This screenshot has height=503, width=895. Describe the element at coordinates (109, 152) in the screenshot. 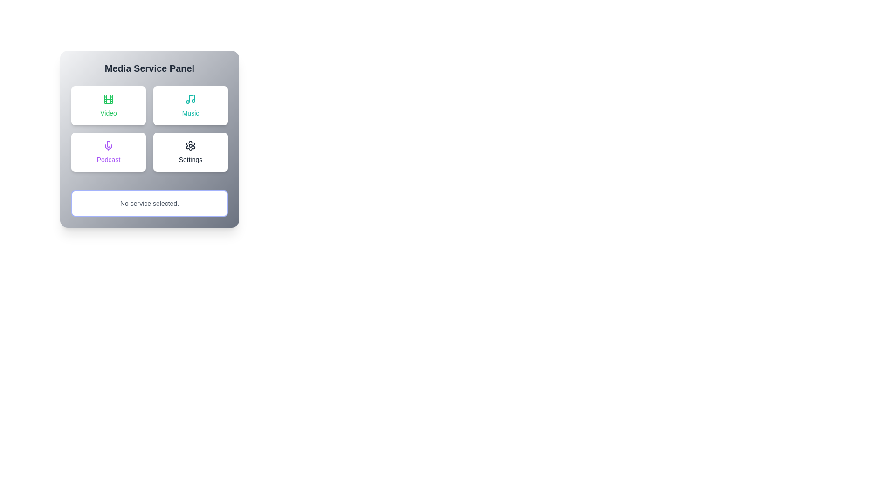

I see `the 'Podcast' button in the Media Service Panel` at that location.